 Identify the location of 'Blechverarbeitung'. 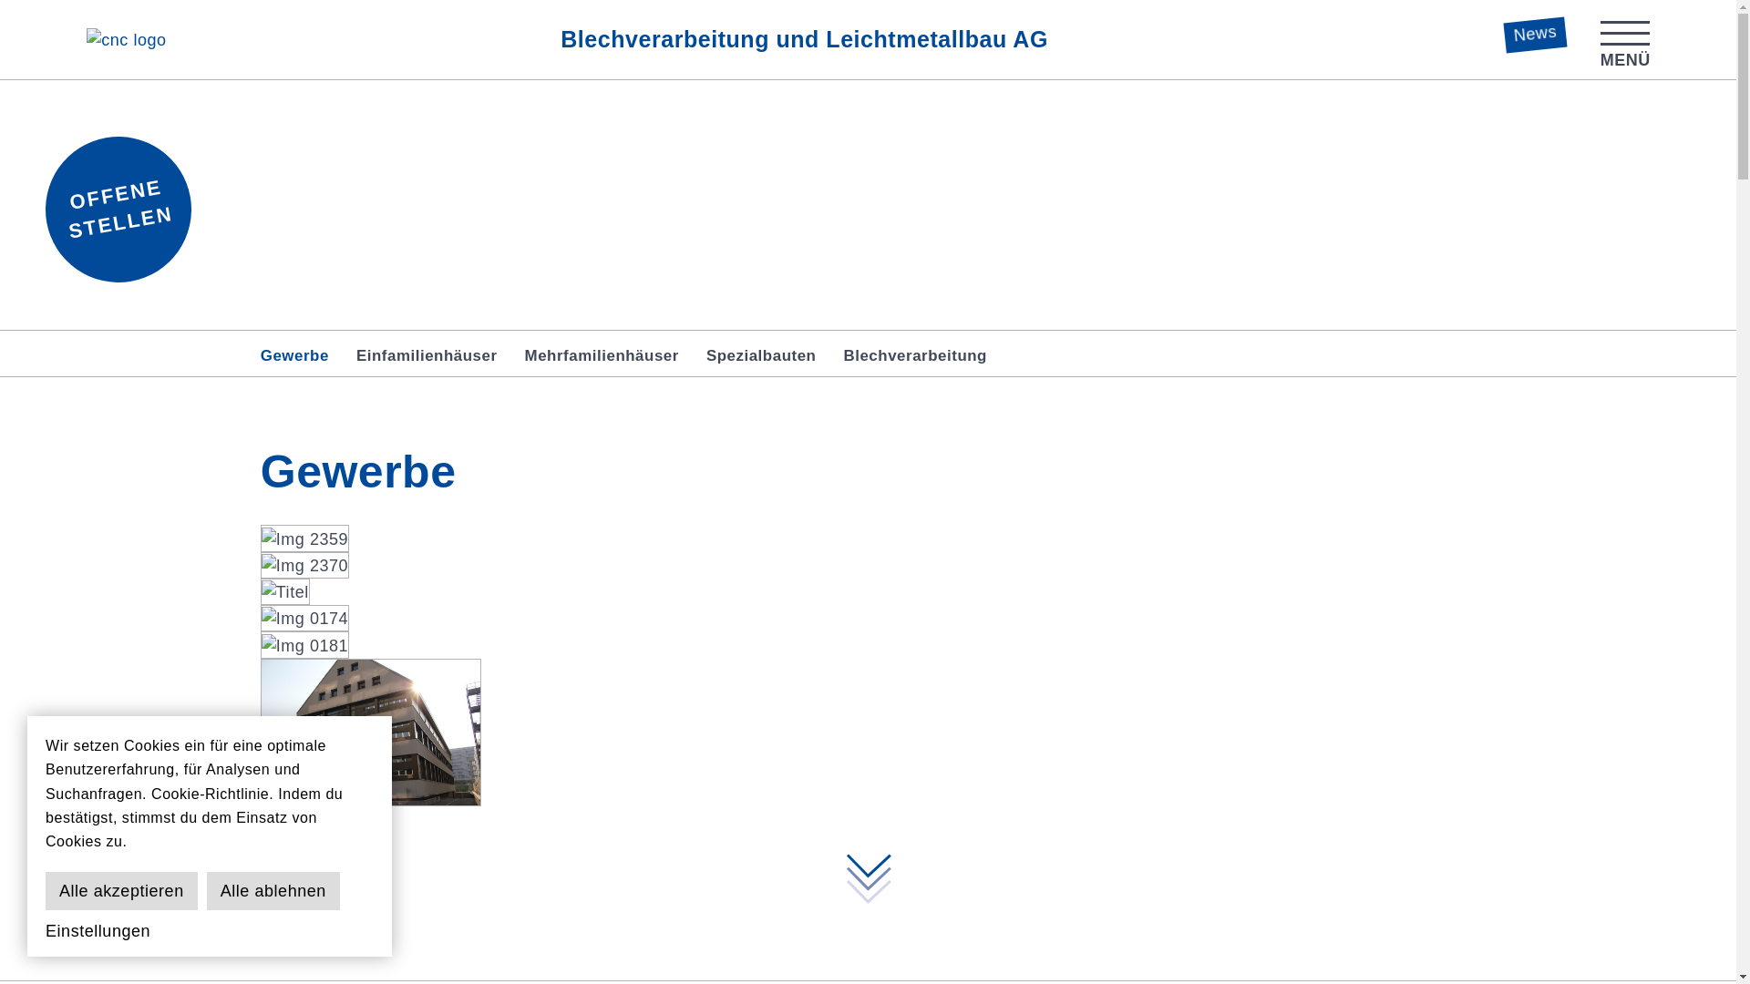
(914, 355).